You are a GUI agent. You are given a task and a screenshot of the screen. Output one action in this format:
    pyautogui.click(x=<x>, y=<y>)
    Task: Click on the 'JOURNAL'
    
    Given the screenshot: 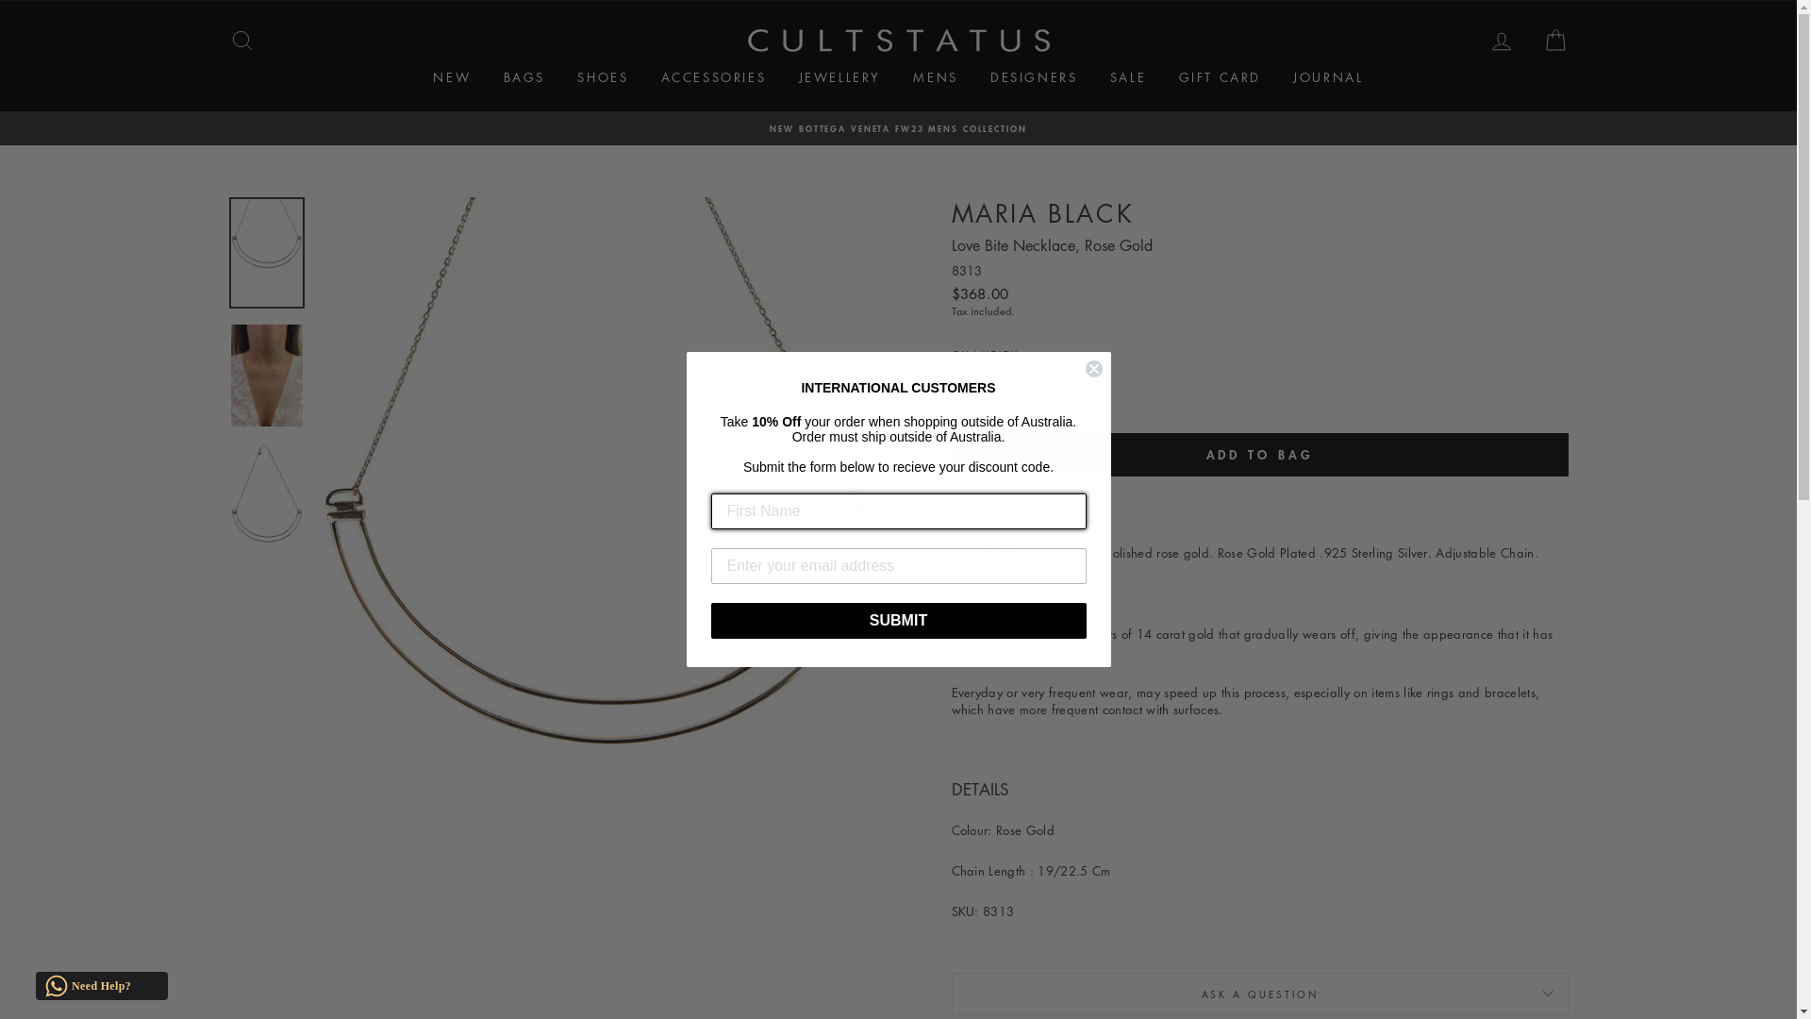 What is the action you would take?
    pyautogui.click(x=1326, y=75)
    